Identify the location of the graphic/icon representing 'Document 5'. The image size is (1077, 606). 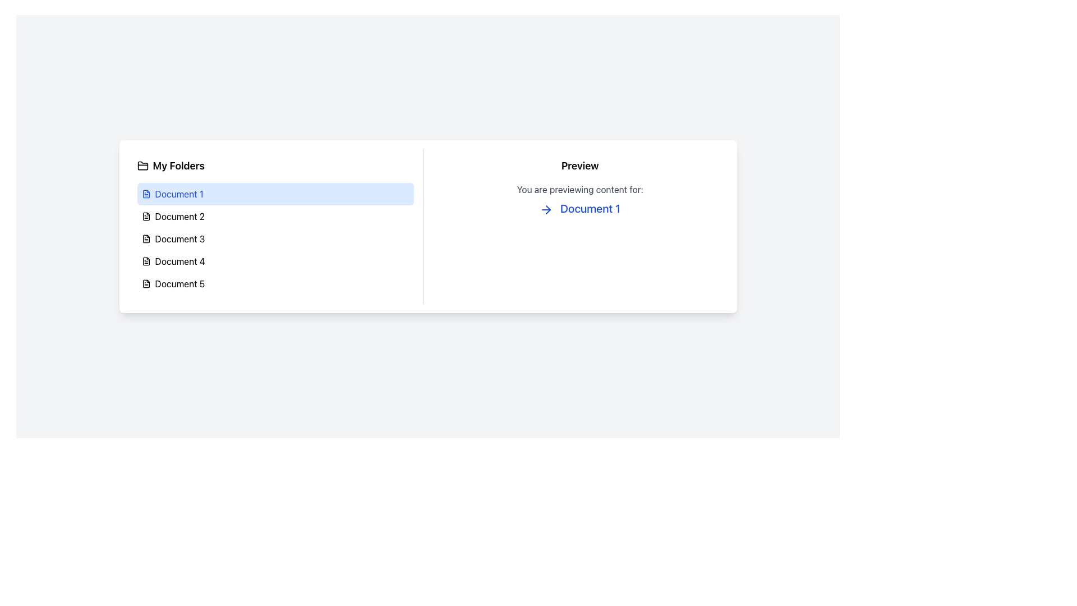
(145, 283).